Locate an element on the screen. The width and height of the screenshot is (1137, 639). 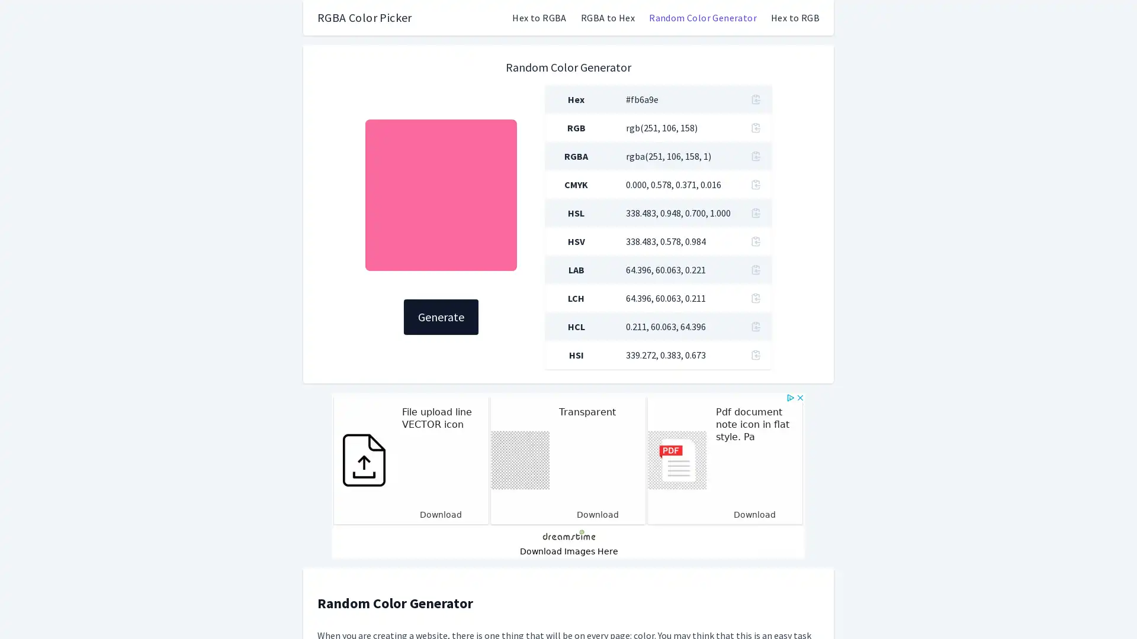
Generate is located at coordinates (440, 317).